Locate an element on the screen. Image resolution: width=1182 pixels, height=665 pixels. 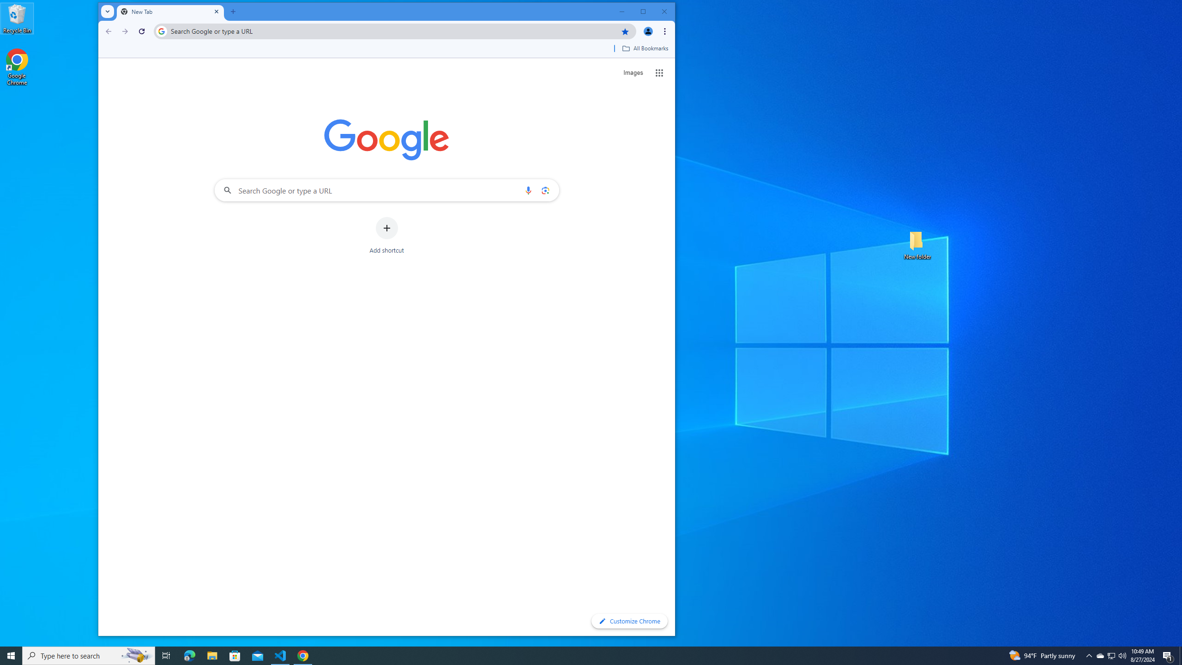
'Recycle Bin' is located at coordinates (17, 18).